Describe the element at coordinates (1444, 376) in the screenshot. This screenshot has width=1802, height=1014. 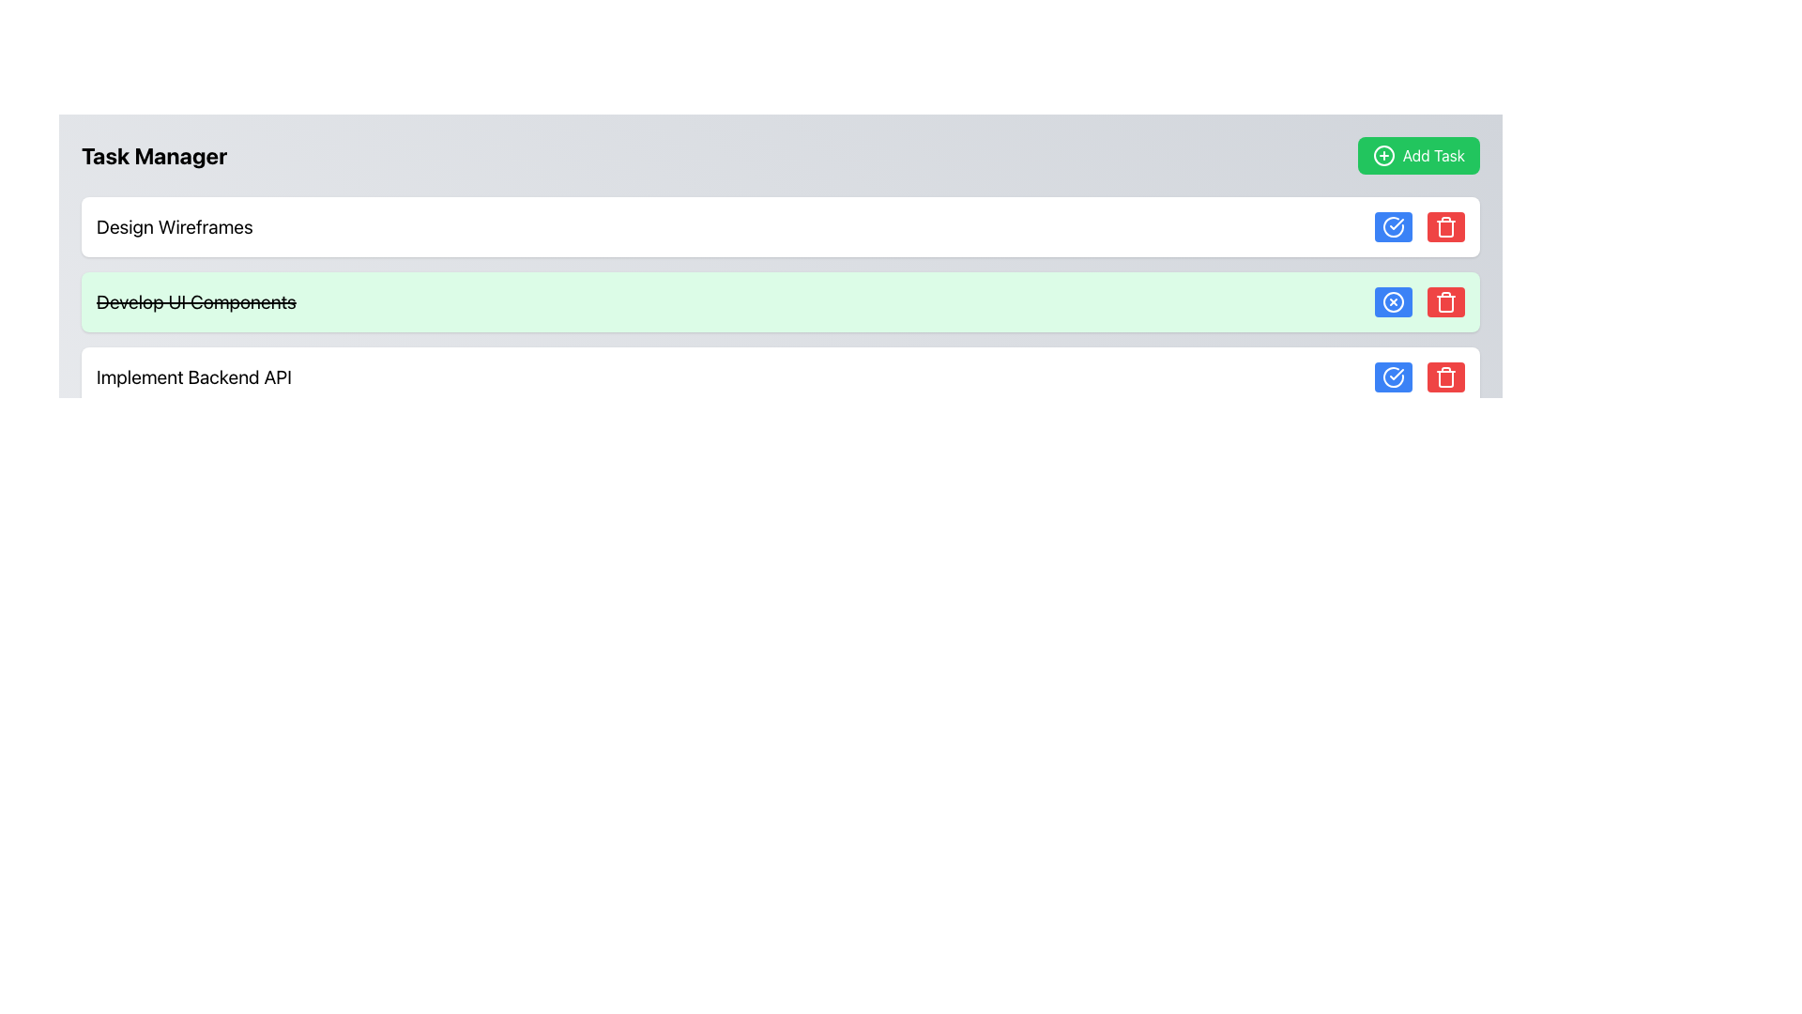
I see `the red button with a trash bin icon` at that location.